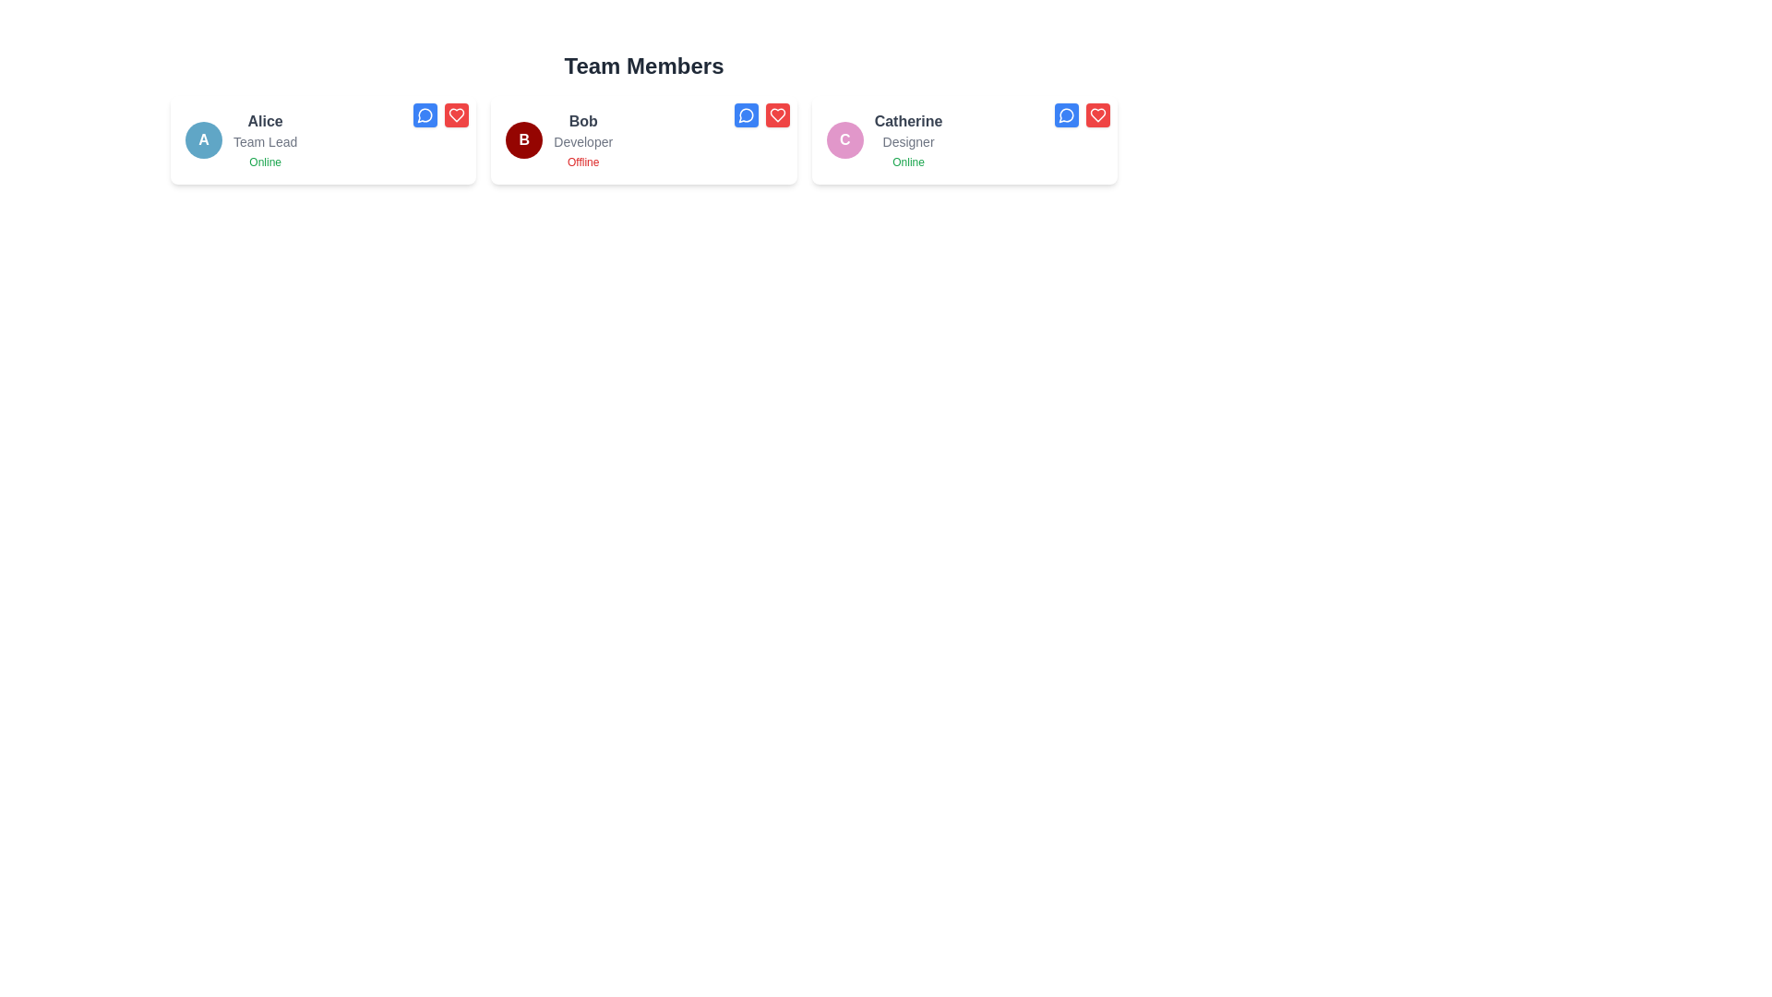  I want to click on text content of the 'Designer' label located on the rightmost profile card in the 'Team Members' section, positioned below the name 'Catherine', so click(908, 141).